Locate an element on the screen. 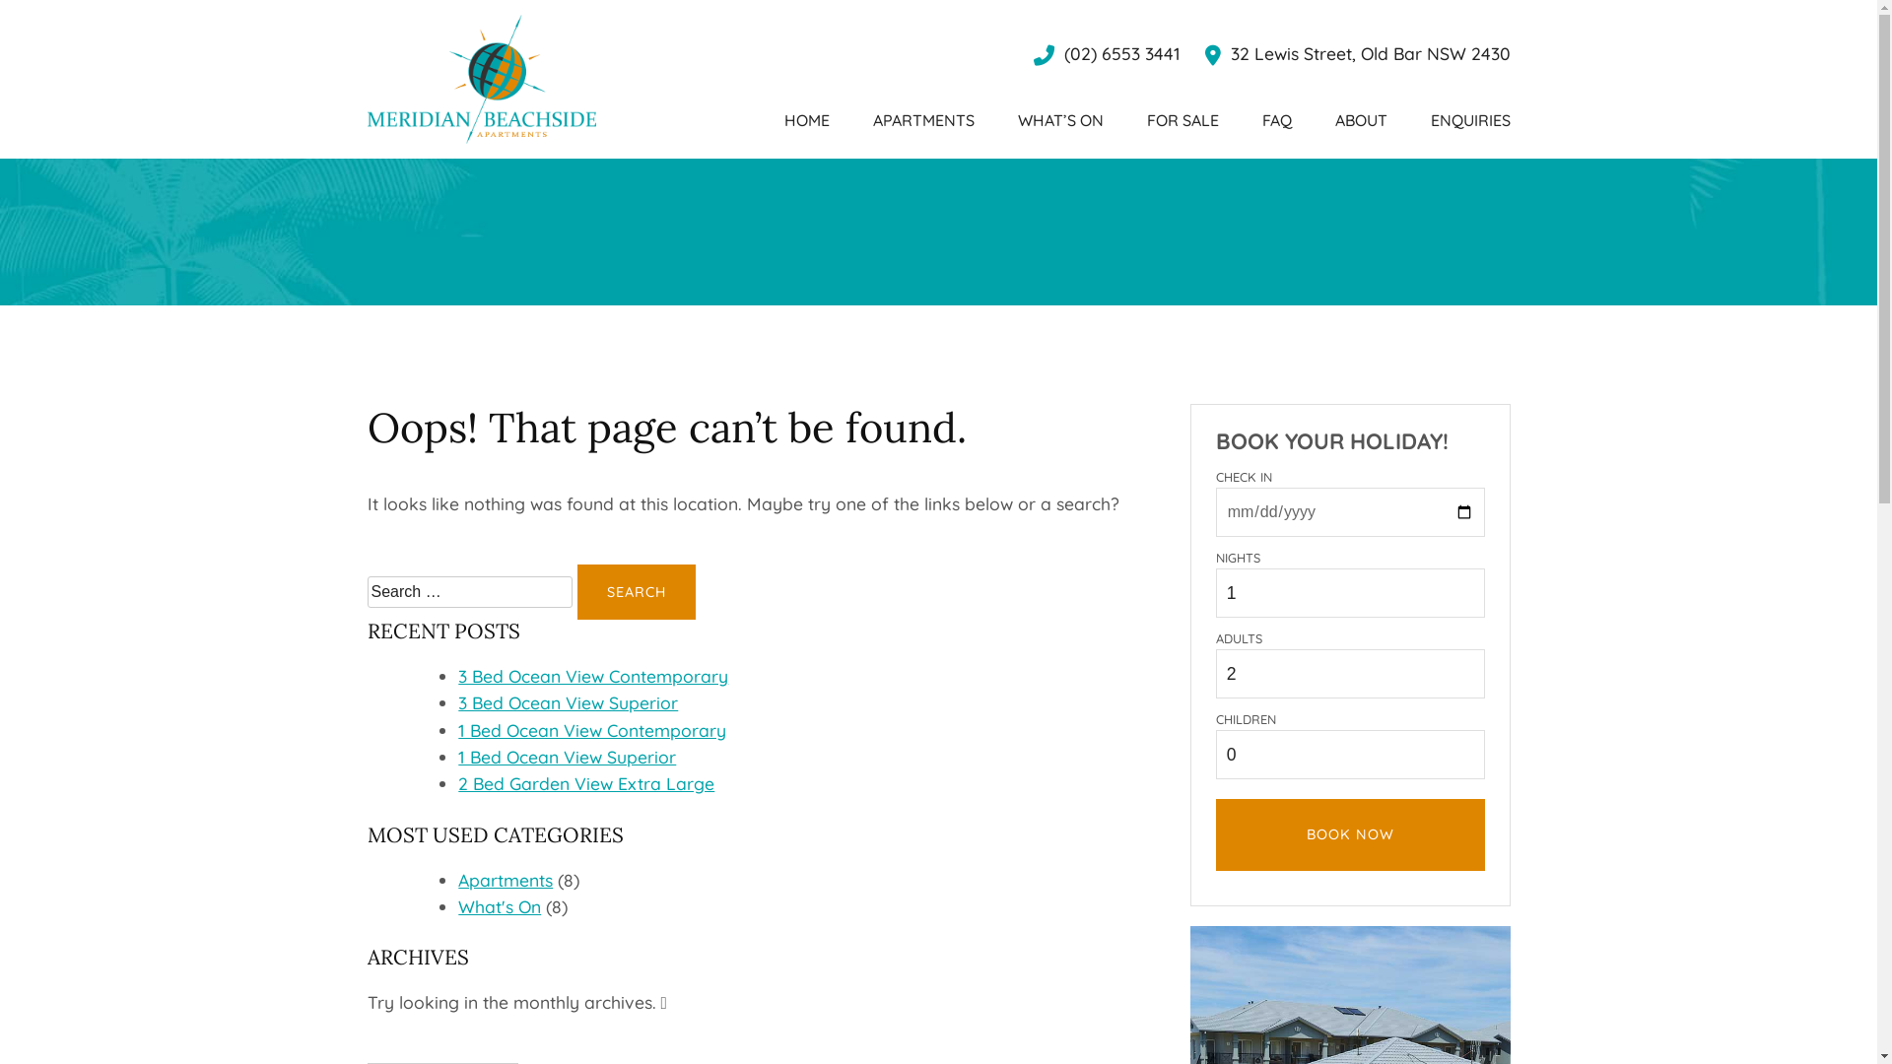  'BOOK NOW' is located at coordinates (1349, 834).